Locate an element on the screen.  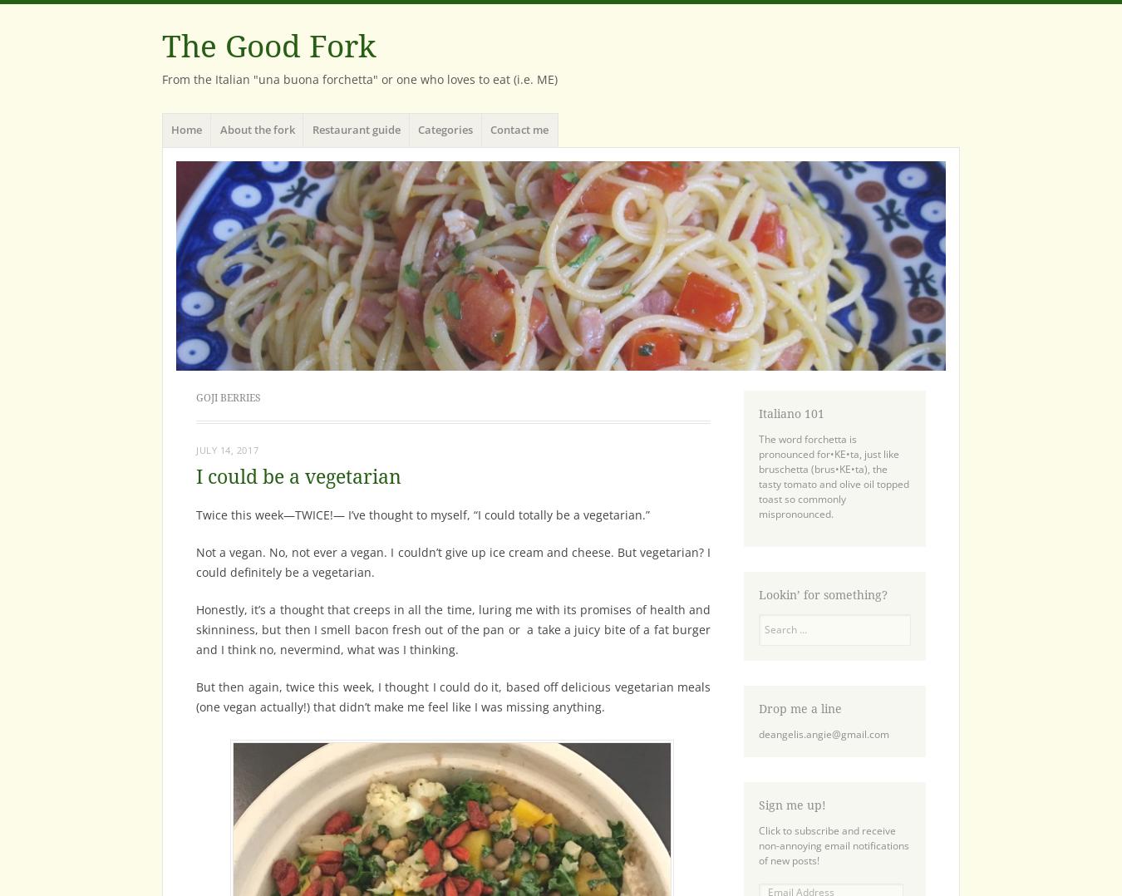
'Lookin’ for something?' is located at coordinates (821, 594).